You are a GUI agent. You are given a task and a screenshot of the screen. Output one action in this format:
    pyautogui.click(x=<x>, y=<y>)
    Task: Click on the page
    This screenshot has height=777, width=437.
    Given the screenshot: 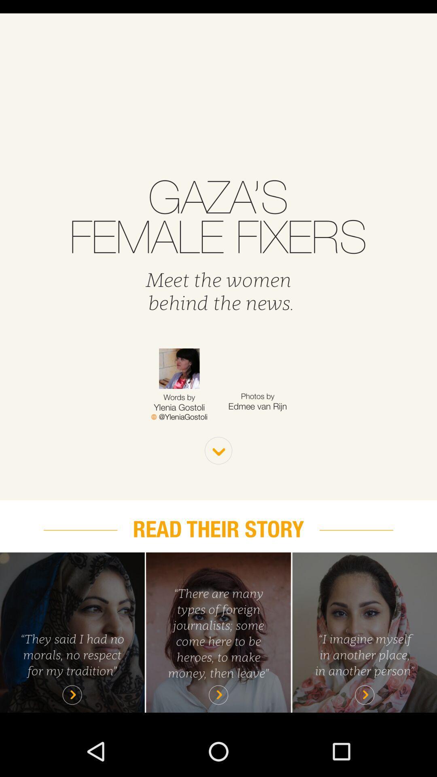 What is the action you would take?
    pyautogui.click(x=72, y=632)
    